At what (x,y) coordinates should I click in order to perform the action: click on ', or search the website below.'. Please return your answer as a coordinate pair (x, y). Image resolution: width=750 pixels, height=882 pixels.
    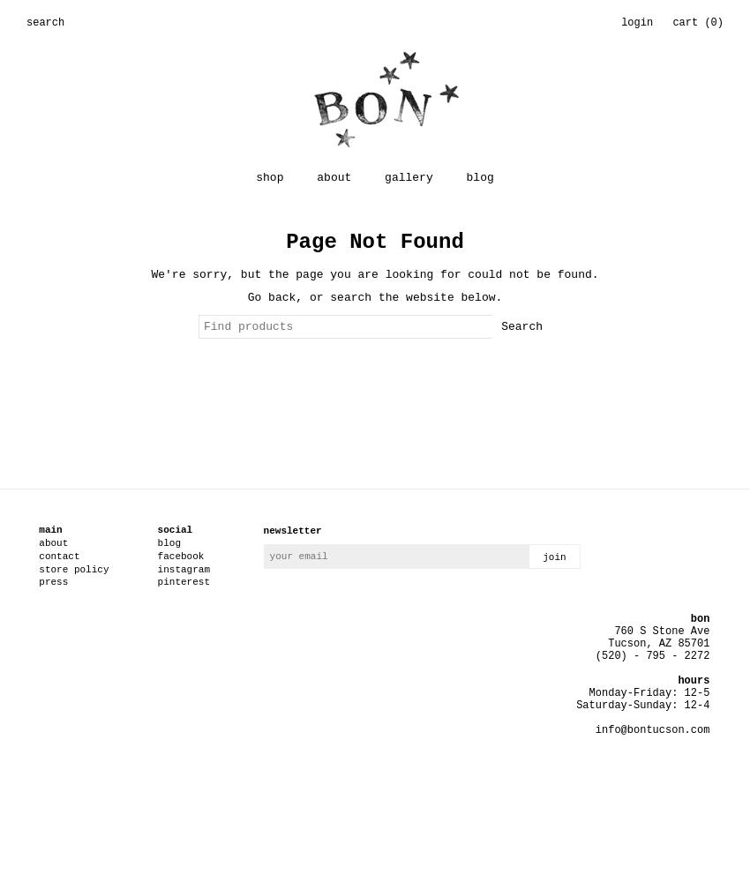
    Looking at the image, I should click on (398, 295).